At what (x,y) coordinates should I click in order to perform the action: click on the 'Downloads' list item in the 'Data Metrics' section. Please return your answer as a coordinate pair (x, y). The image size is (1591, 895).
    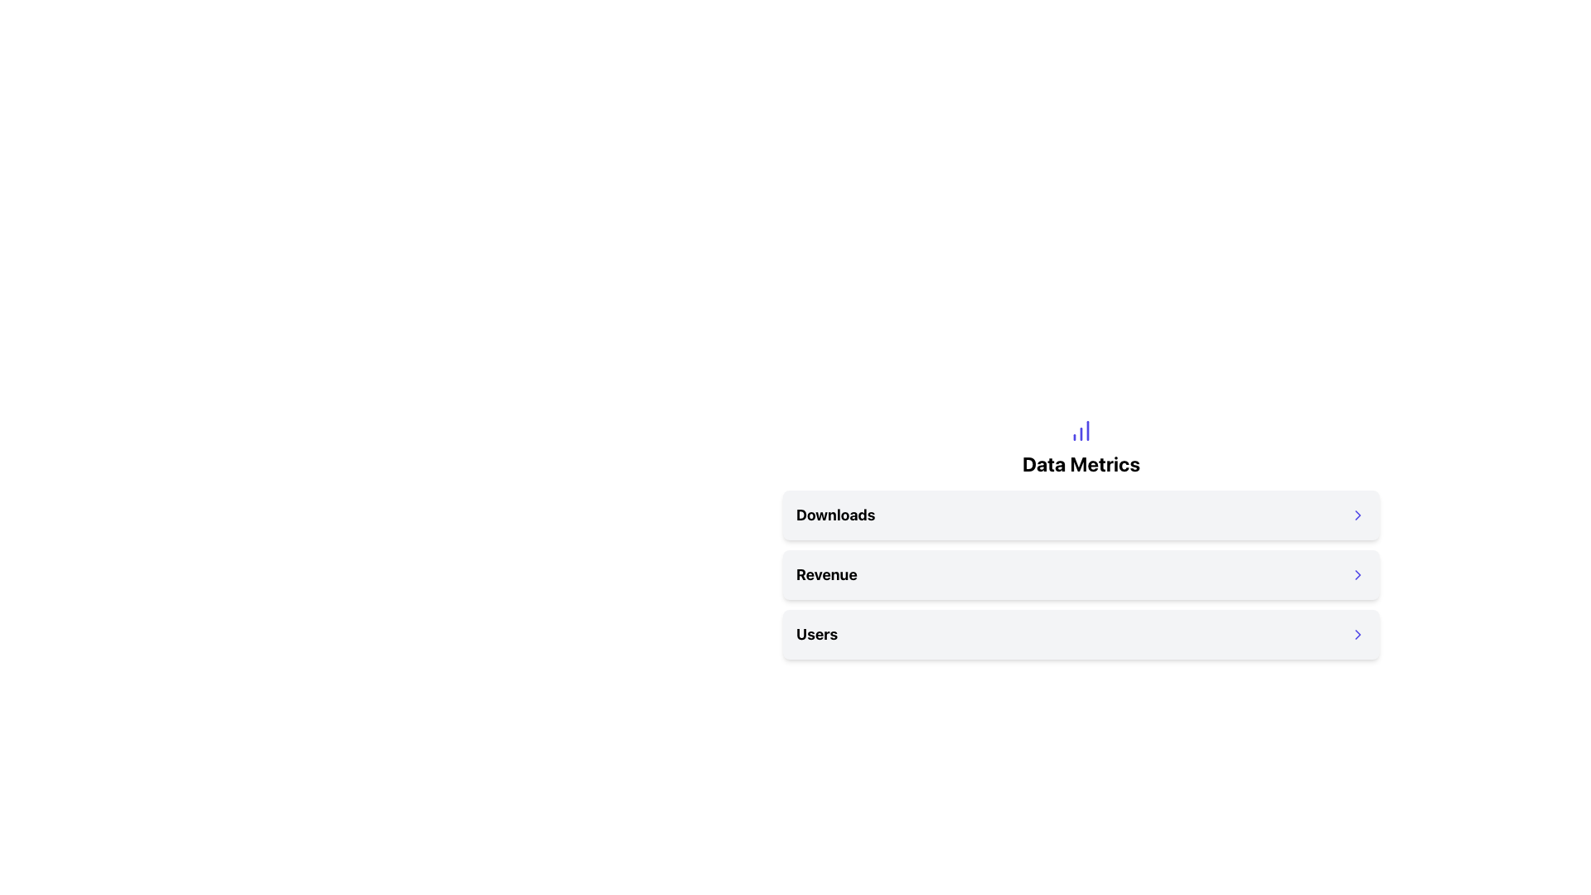
    Looking at the image, I should click on (1081, 514).